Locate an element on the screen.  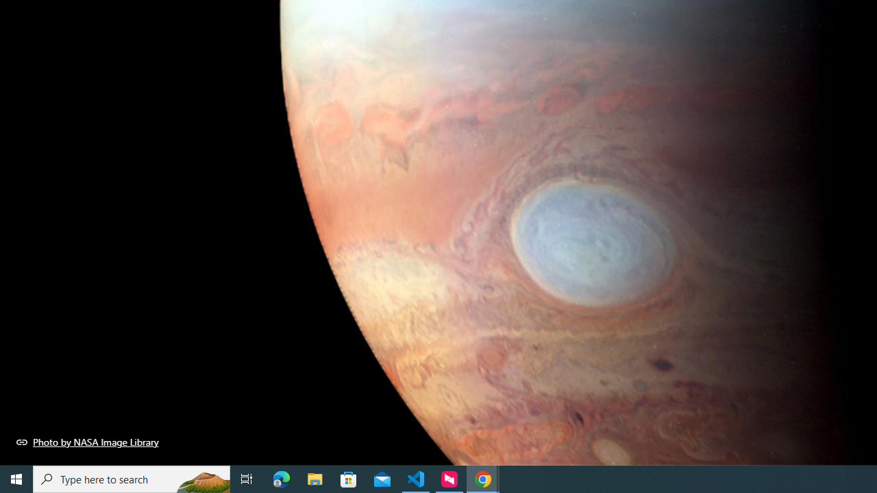
'Photo by NASA Image Library' is located at coordinates (87, 442).